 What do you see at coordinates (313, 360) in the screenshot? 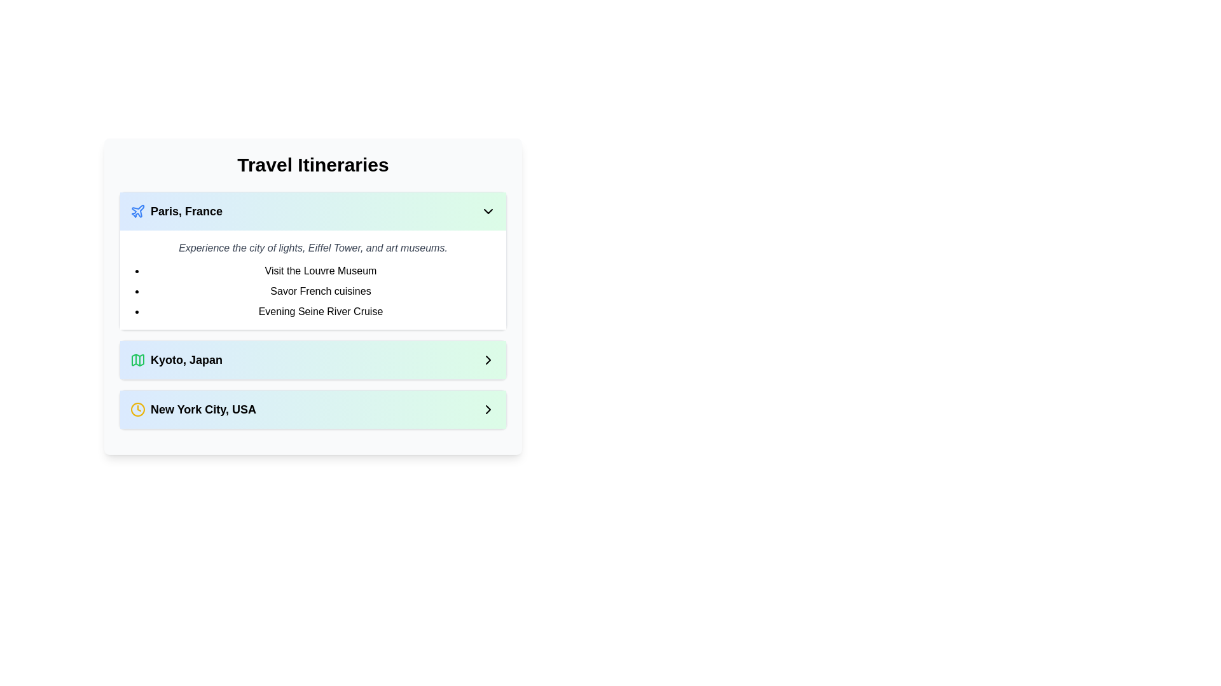
I see `the selectable list item for travel itineraries regarding Kyoto, Japan` at bounding box center [313, 360].